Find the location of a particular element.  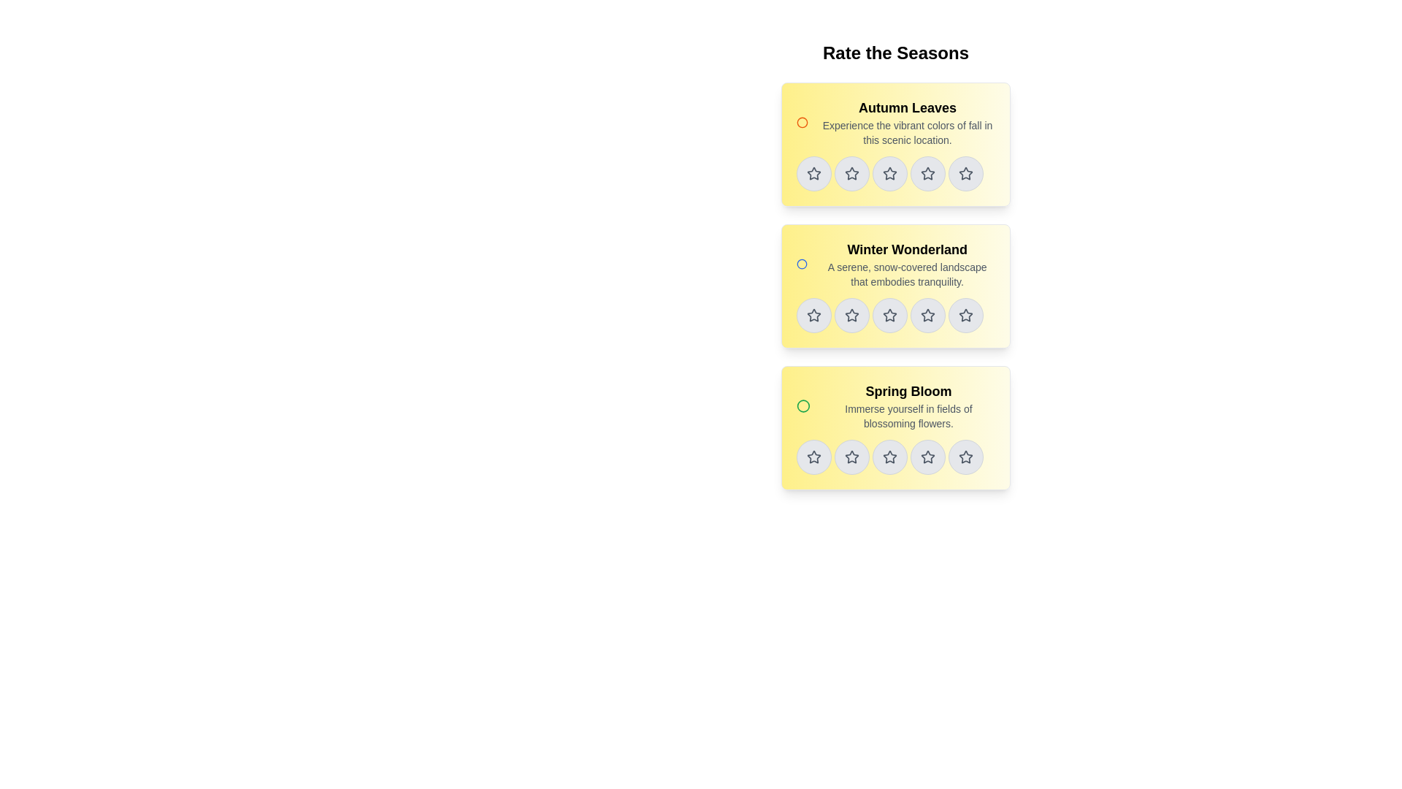

the circular gray button with a star icon, which is the third button in a group of five is located at coordinates (889, 173).